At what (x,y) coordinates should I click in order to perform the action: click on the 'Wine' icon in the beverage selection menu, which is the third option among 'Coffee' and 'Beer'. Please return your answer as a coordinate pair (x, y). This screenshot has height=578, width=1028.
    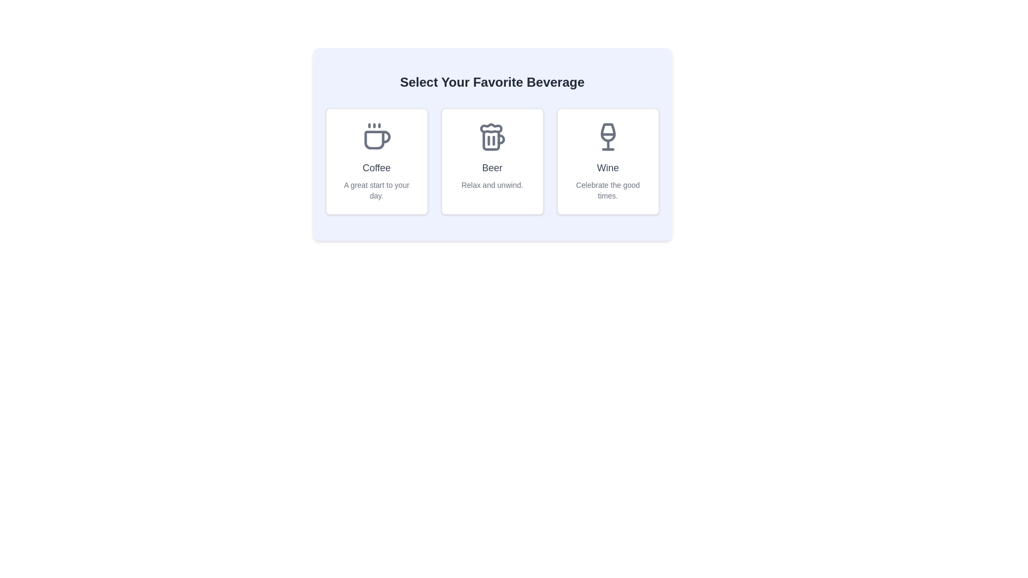
    Looking at the image, I should click on (608, 132).